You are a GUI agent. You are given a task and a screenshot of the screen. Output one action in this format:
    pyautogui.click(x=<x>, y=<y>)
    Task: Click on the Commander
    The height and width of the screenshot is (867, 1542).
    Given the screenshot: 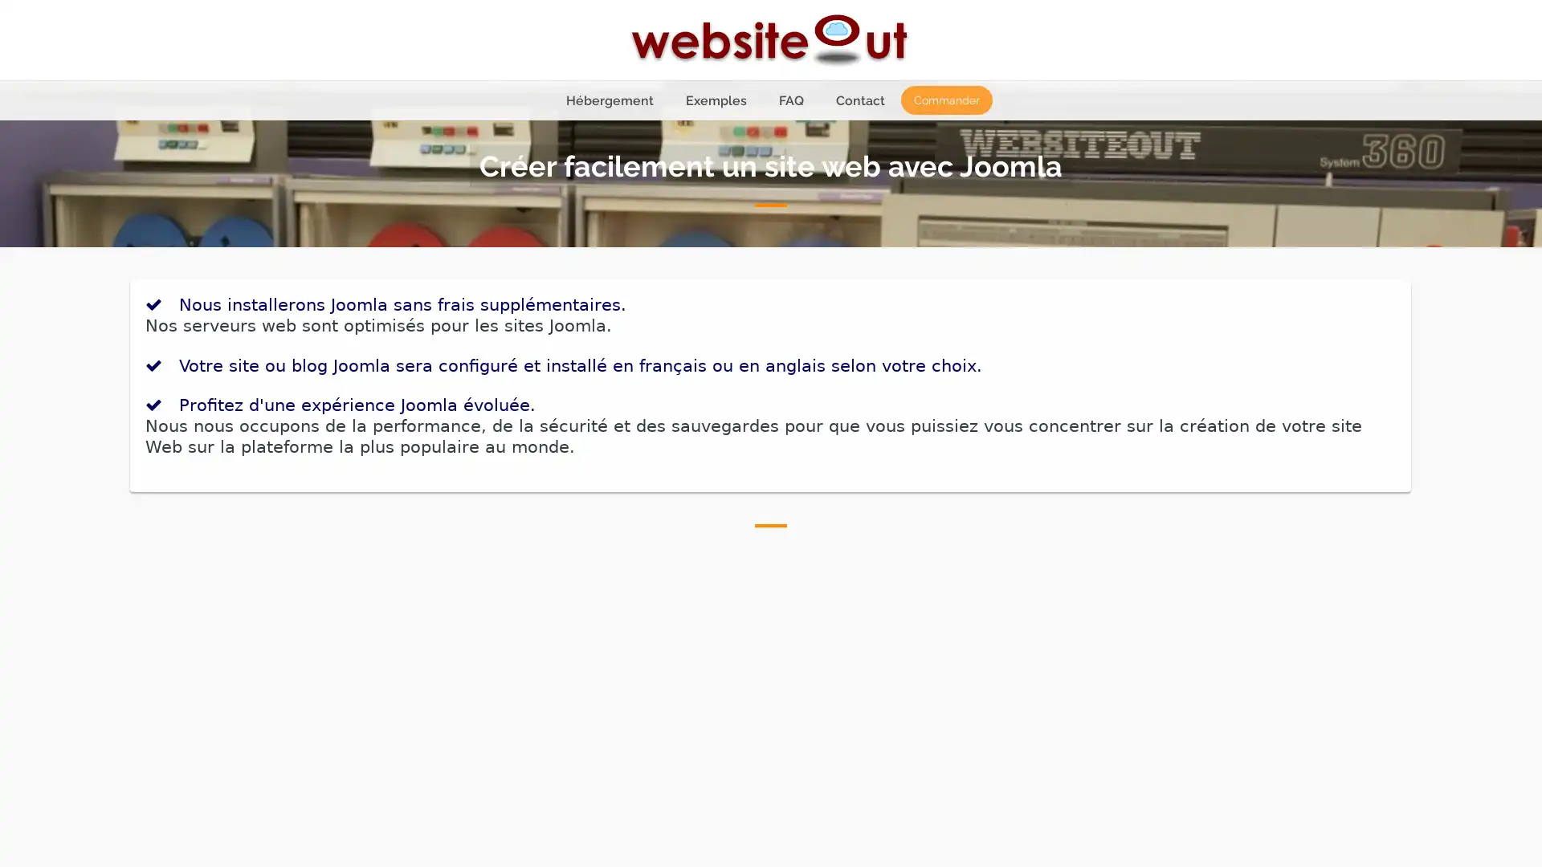 What is the action you would take?
    pyautogui.click(x=945, y=100)
    